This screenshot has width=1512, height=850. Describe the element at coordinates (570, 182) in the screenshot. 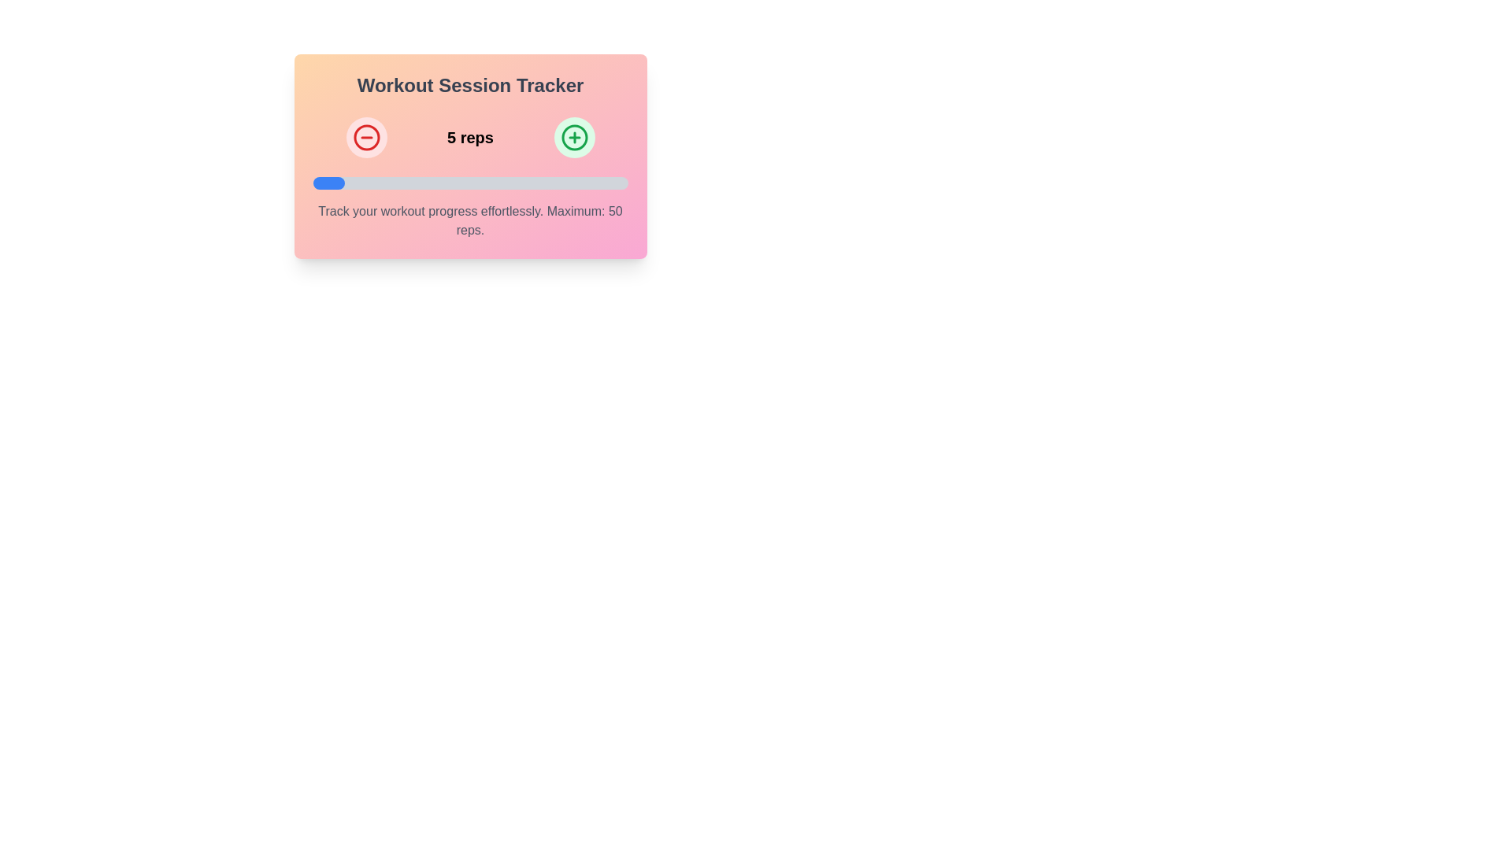

I see `slider progress` at that location.